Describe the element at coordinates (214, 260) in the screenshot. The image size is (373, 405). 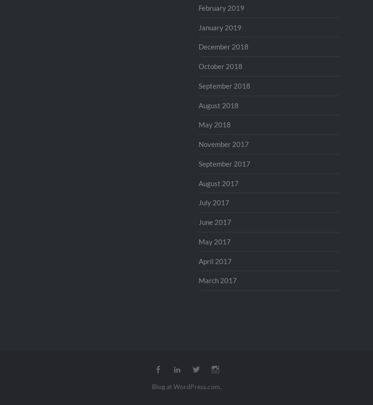
I see `'April 2017'` at that location.